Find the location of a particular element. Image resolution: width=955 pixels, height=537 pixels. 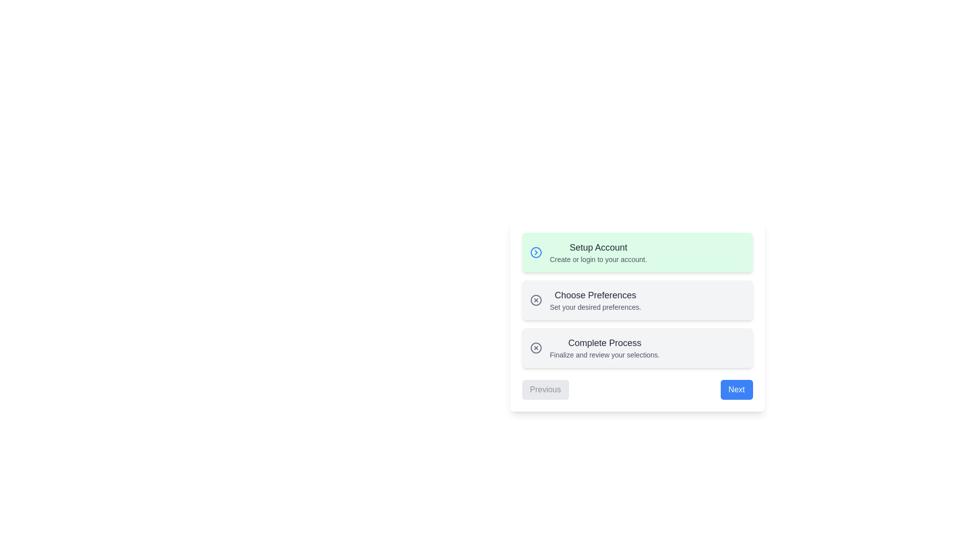

subtitle of the text block which is the third entry in the vertically stacked list of steps, located near the center-right of the layout for additional context is located at coordinates (604, 347).